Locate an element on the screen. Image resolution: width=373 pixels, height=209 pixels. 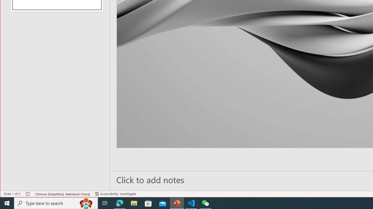
'File Explorer' is located at coordinates (134, 203).